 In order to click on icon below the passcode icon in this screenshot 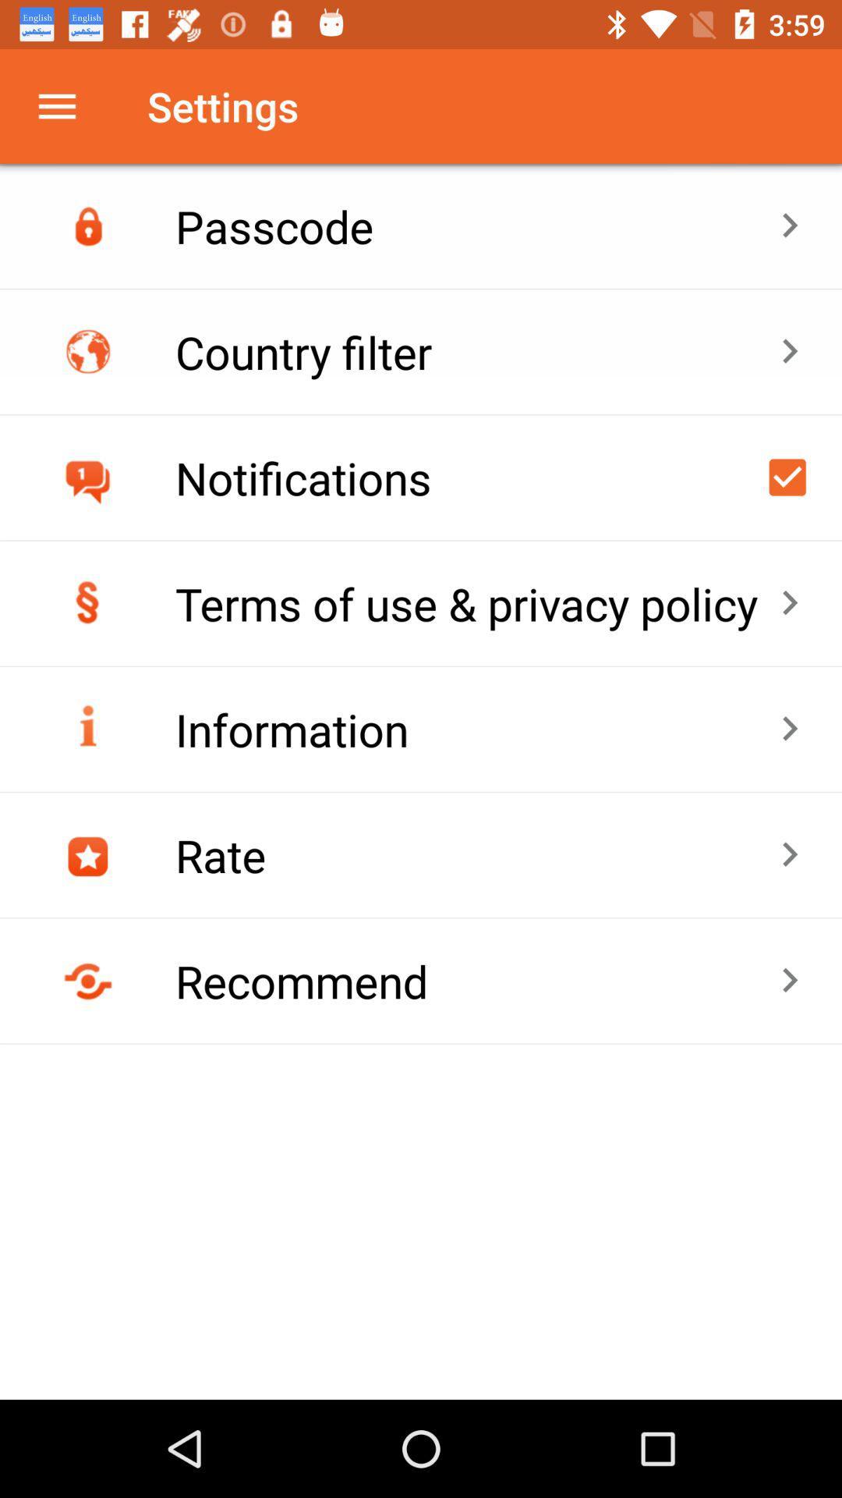, I will do `click(476, 351)`.